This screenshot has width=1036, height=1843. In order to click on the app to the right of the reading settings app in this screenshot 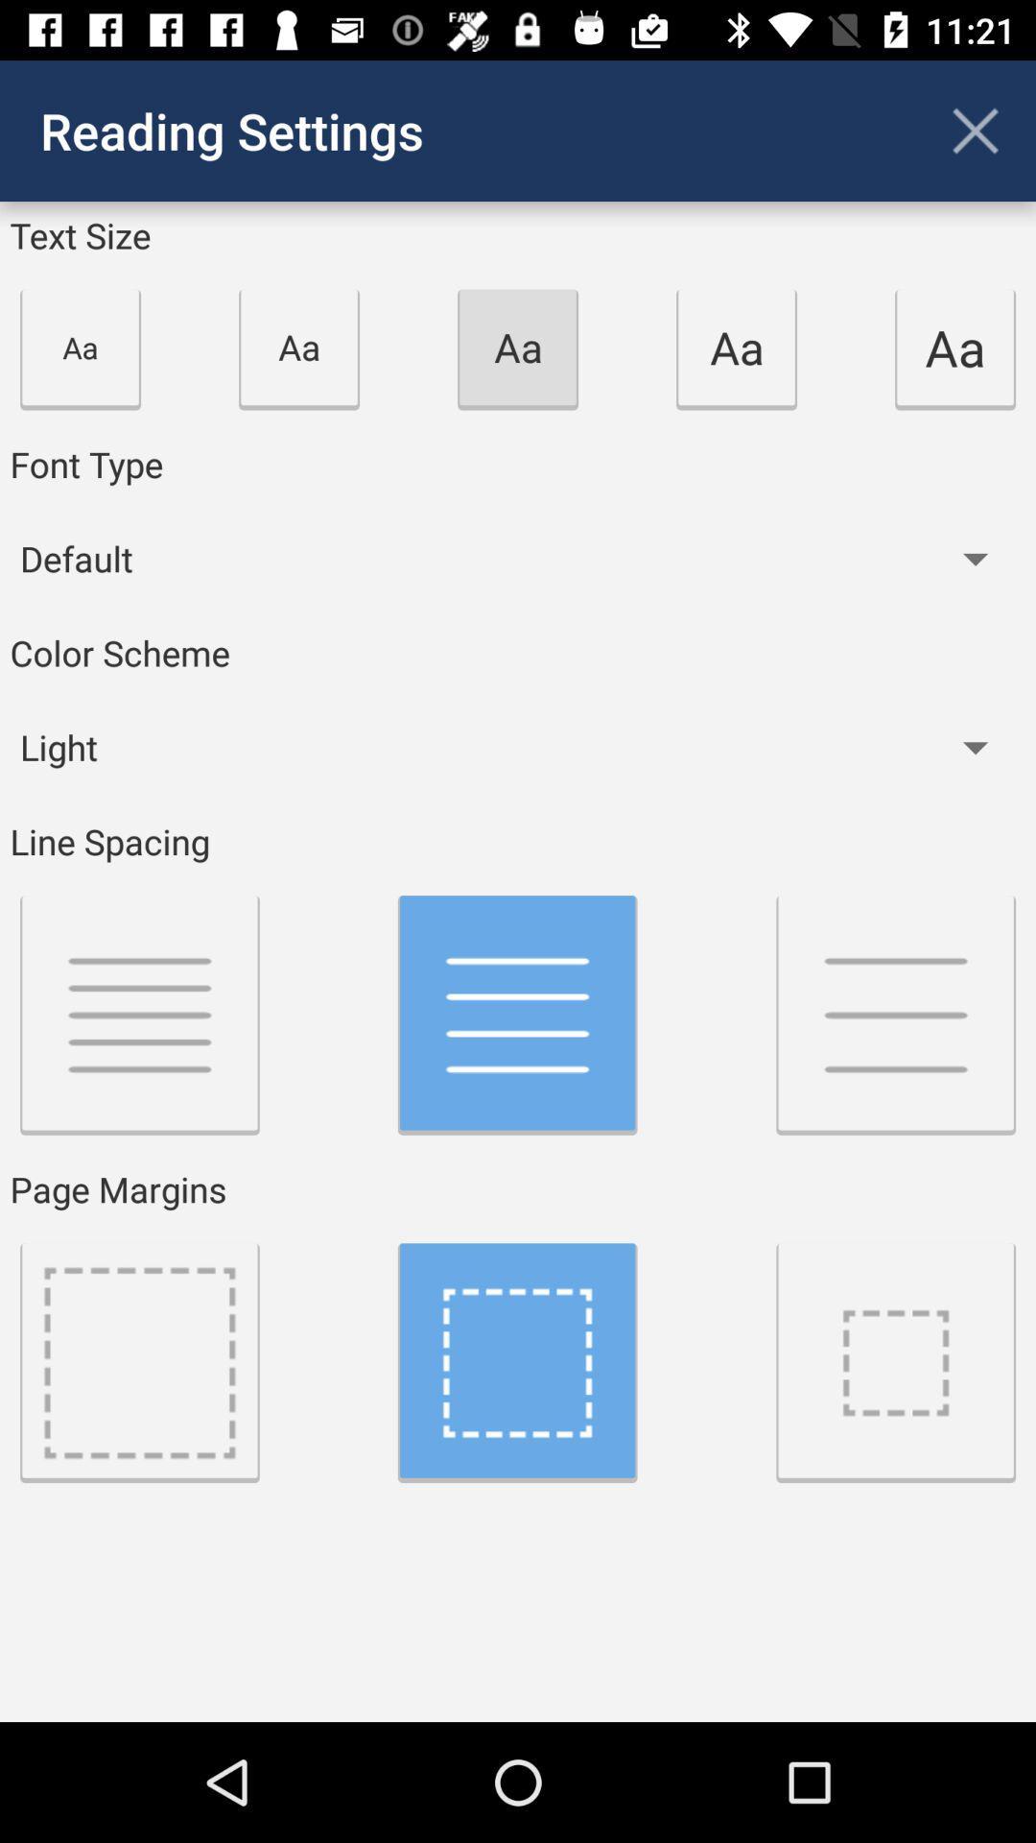, I will do `click(976, 130)`.